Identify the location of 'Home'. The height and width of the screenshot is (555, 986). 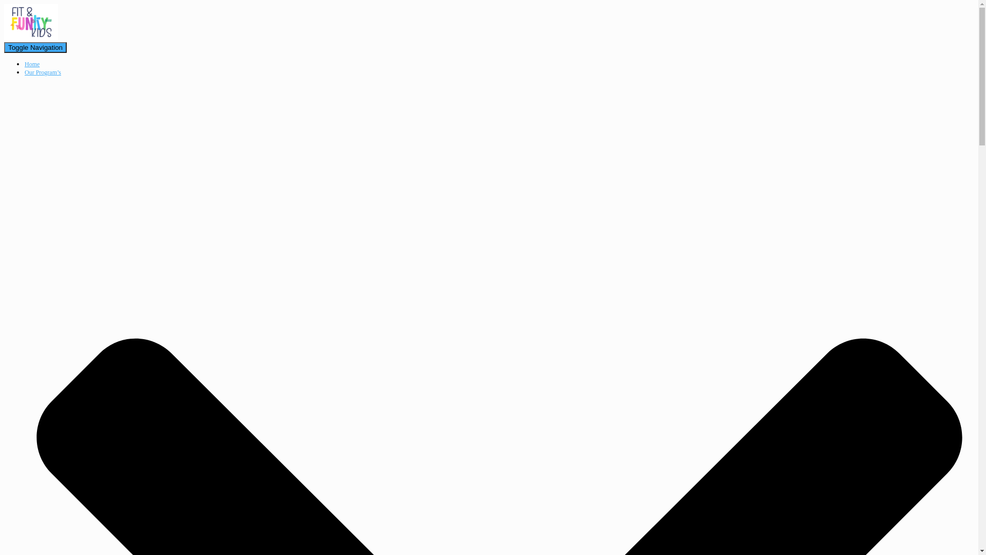
(32, 64).